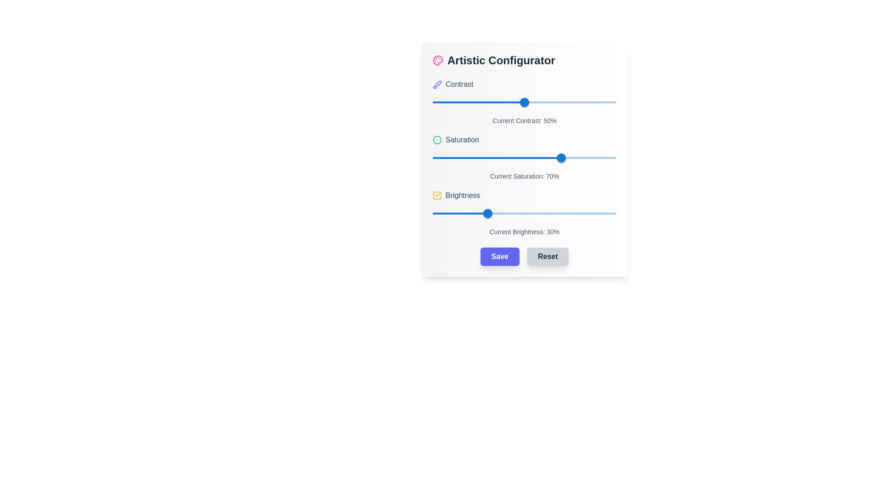 This screenshot has width=882, height=496. Describe the element at coordinates (438, 83) in the screenshot. I see `the decorative icon in the 'Artistic Configurator' interface located to the left of the 'Contrast' label, which visually represents the artistic theme` at that location.